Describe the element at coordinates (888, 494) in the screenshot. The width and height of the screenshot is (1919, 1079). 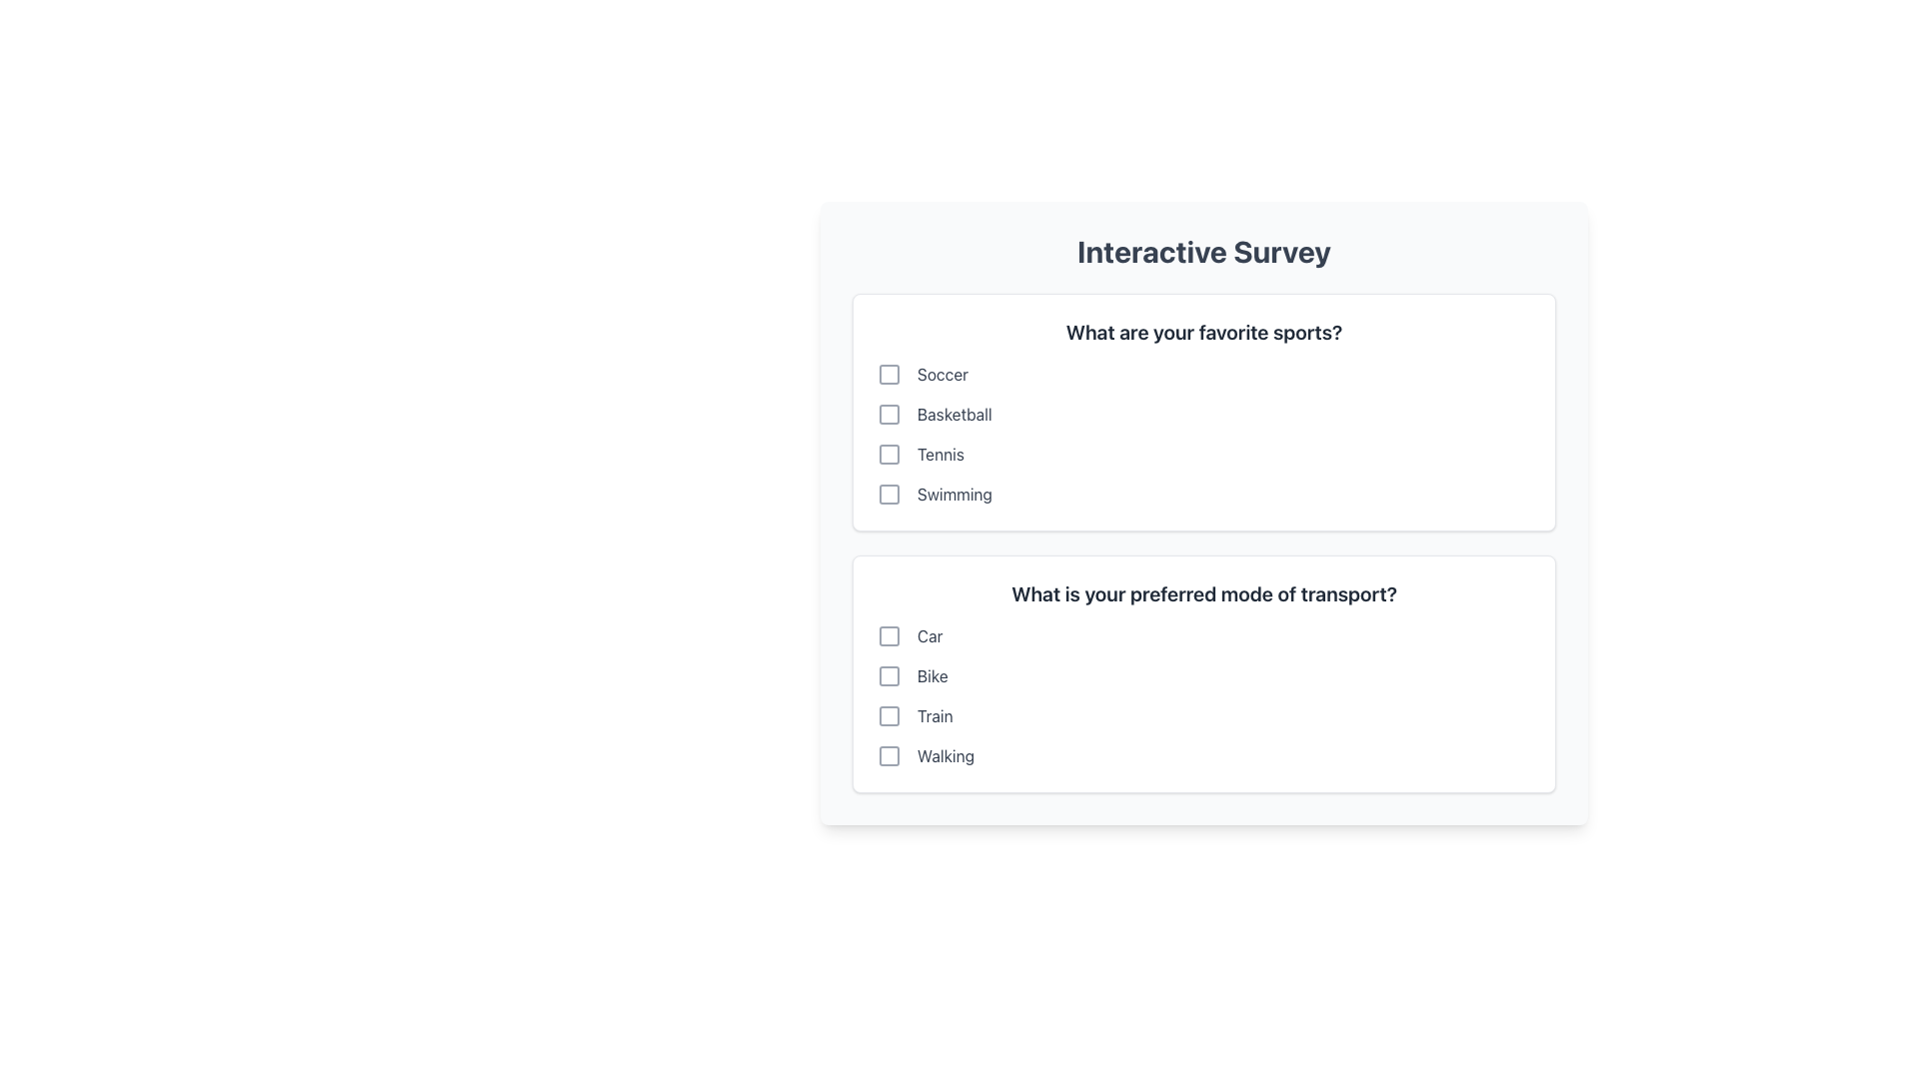
I see `the fourth checkbox in the list under the header 'What are your favorite sports?'` at that location.